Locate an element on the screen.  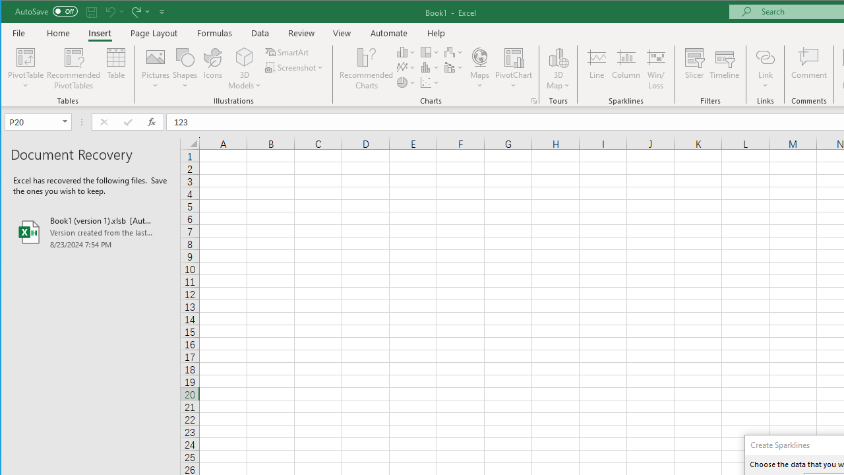
'Insert Waterfall, Funnel, Stock, Surface, or Radar Chart' is located at coordinates (454, 51).